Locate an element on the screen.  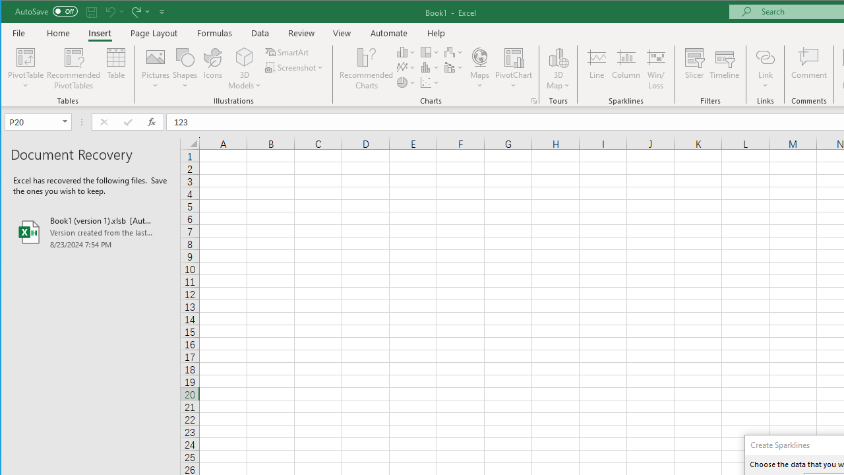
'Insert Waterfall, Funnel, Stock, Surface, or Radar Chart' is located at coordinates (454, 51).